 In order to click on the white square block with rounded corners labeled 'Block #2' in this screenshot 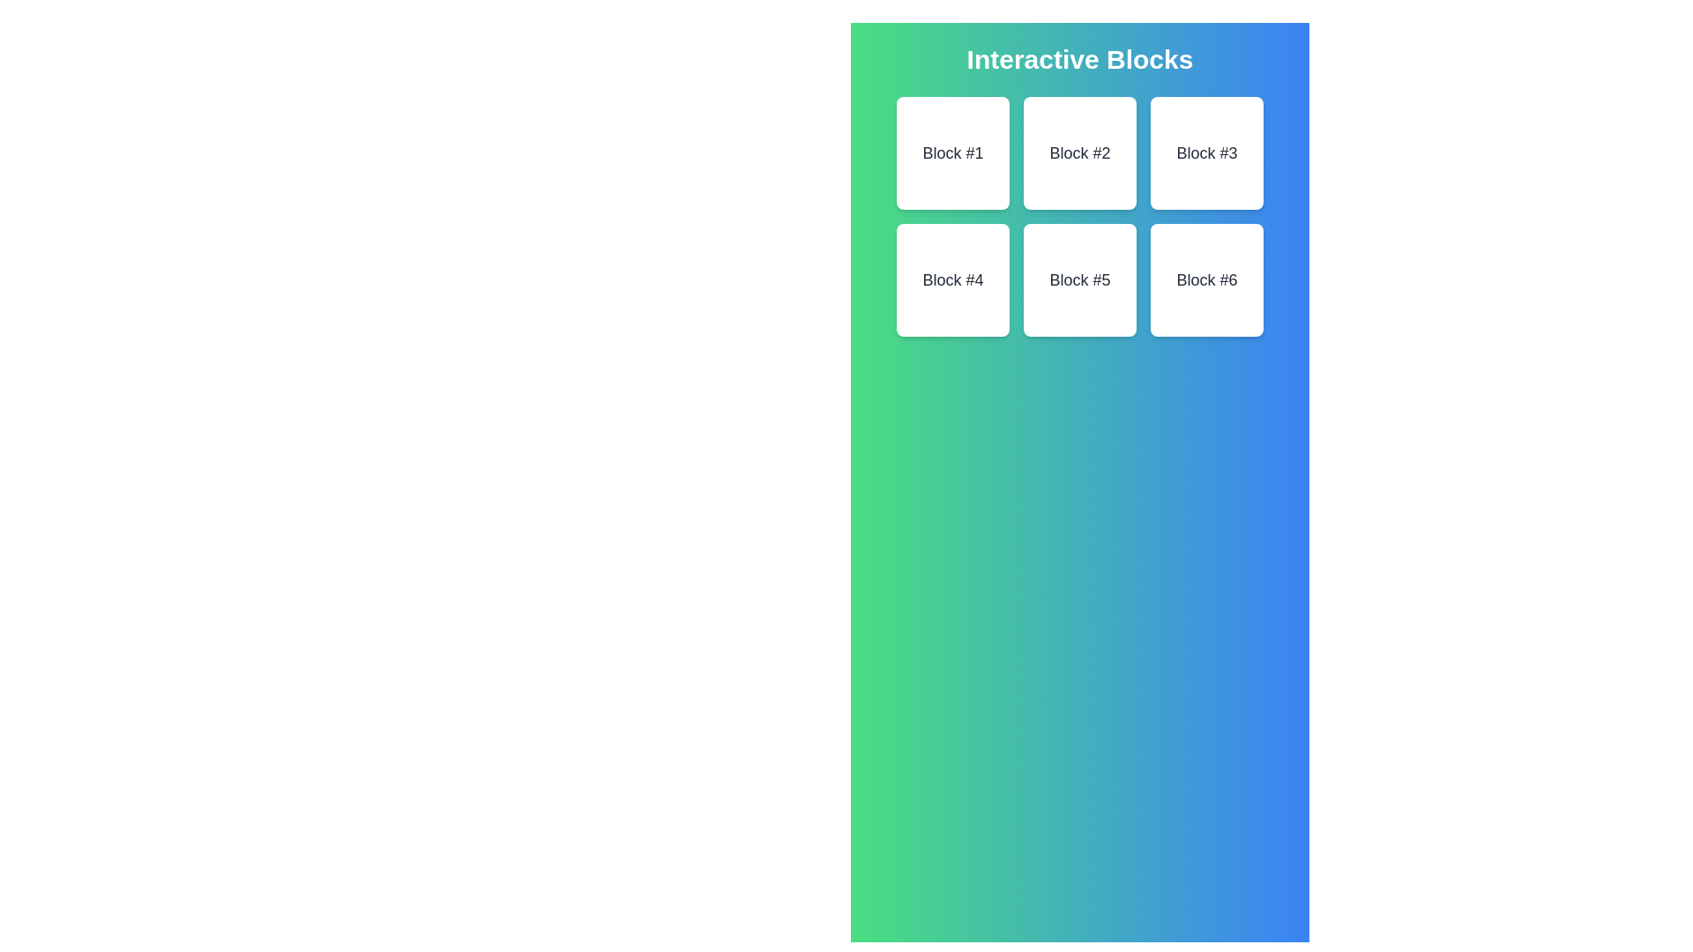, I will do `click(1078, 152)`.